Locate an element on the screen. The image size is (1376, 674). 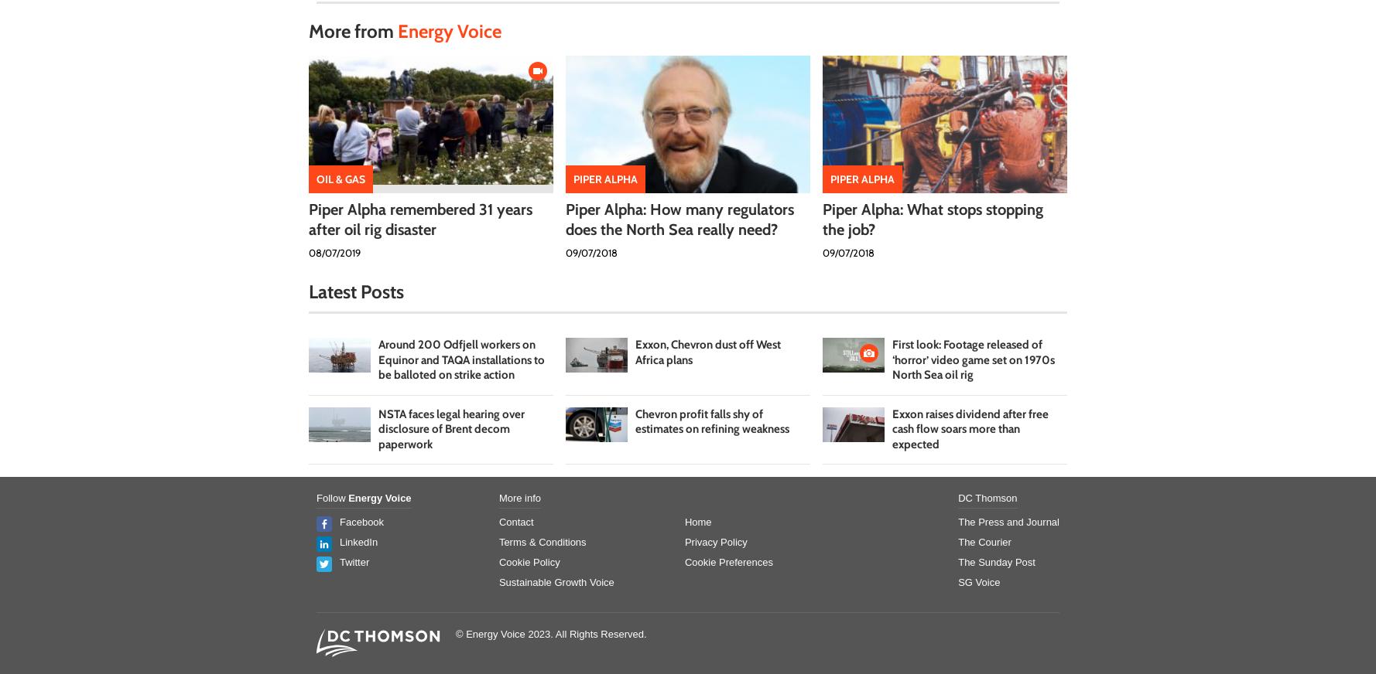
'Around 200 Odfjell workers on Equinor and TAQA installations to be balloted on strike action' is located at coordinates (460, 359).